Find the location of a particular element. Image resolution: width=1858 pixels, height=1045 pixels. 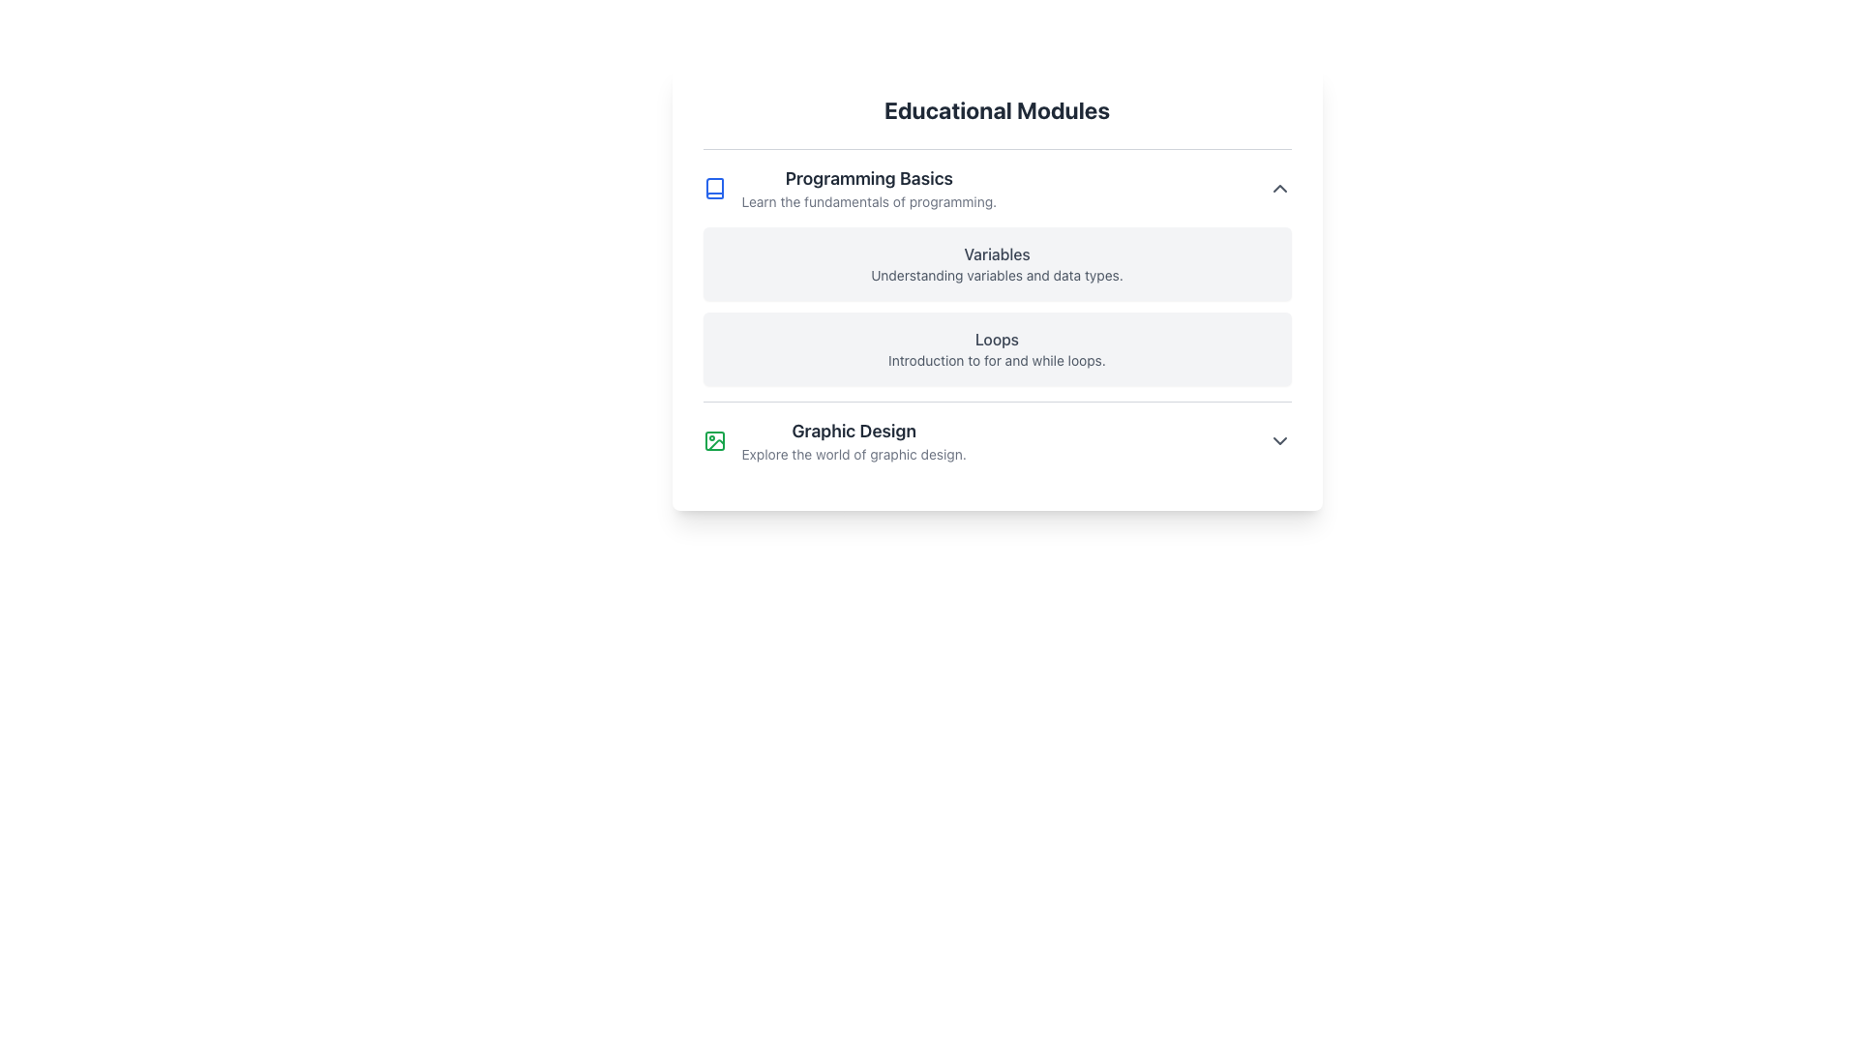

the collapsible list item titled 'Graphic Design' is located at coordinates (997, 440).